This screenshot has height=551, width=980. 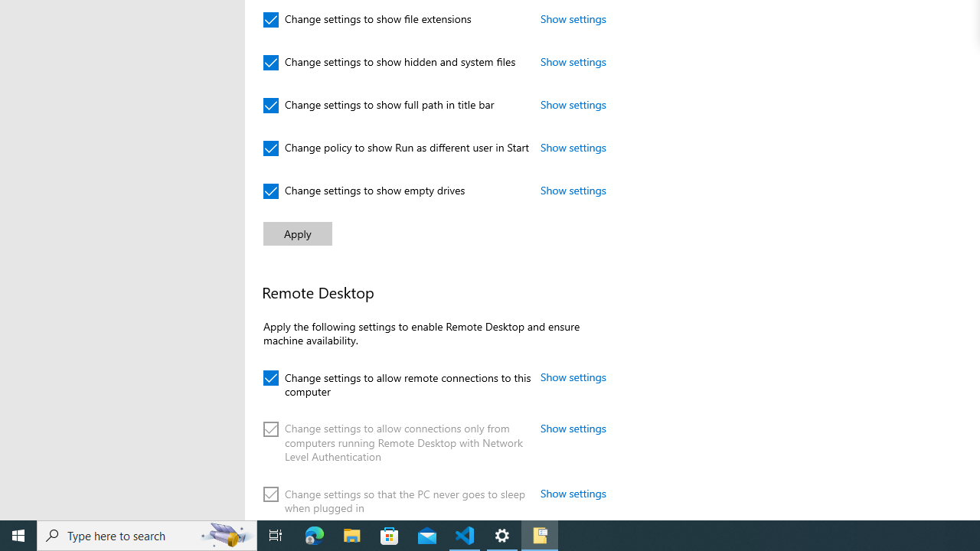 I want to click on 'Settings - 1 running window', so click(x=502, y=534).